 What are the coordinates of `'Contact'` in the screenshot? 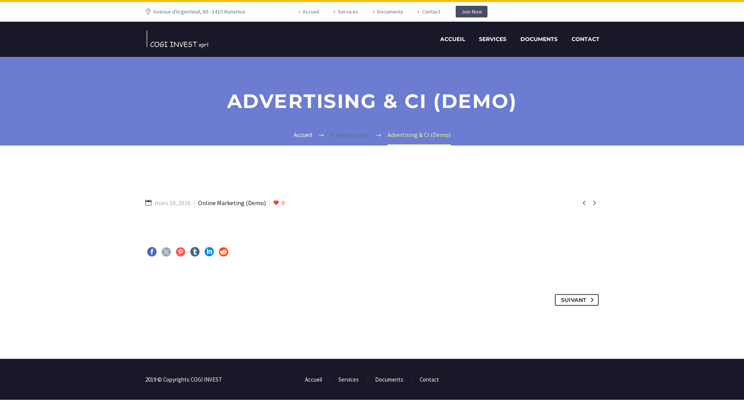 It's located at (419, 379).